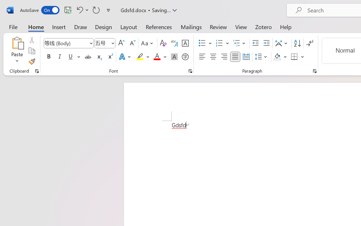 The height and width of the screenshot is (226, 361). I want to click on 'Increase Indent', so click(266, 43).